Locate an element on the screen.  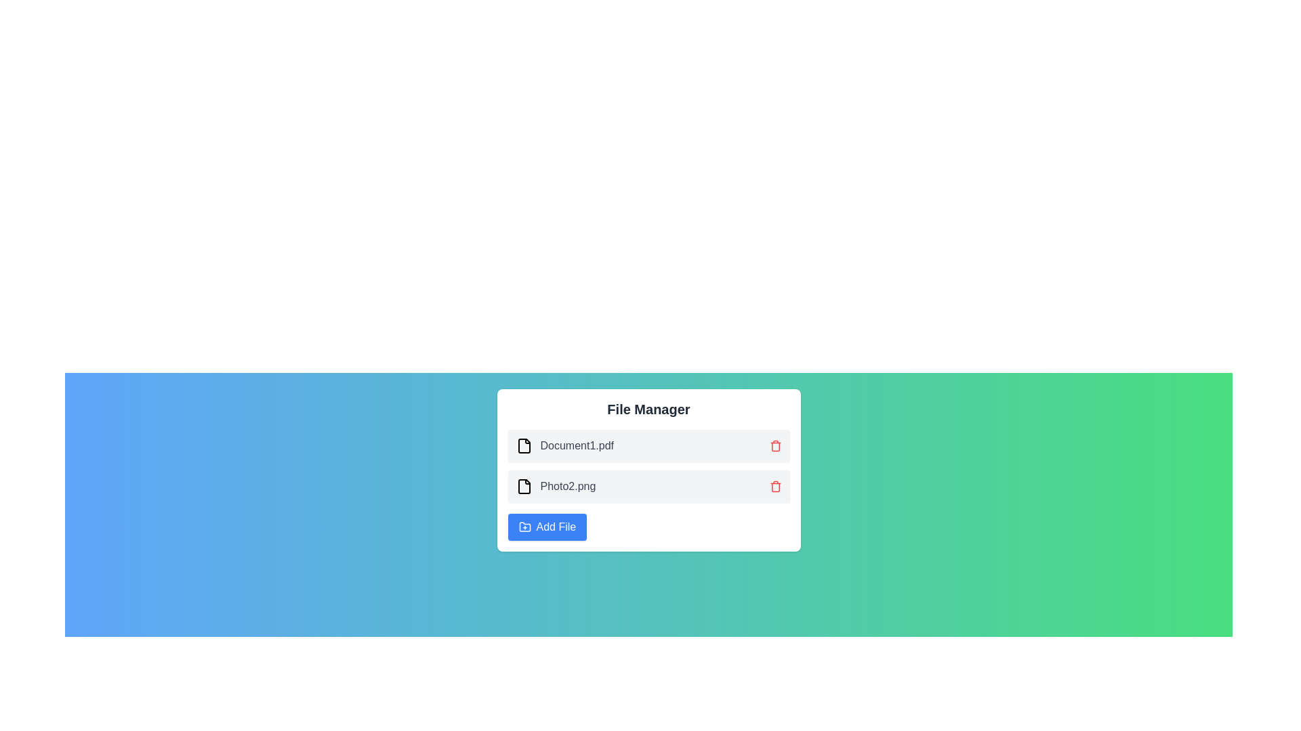
the text label with an icon representing a file entry, located below 'Document1.pdf' and above the 'Add File' button is located at coordinates (556, 485).